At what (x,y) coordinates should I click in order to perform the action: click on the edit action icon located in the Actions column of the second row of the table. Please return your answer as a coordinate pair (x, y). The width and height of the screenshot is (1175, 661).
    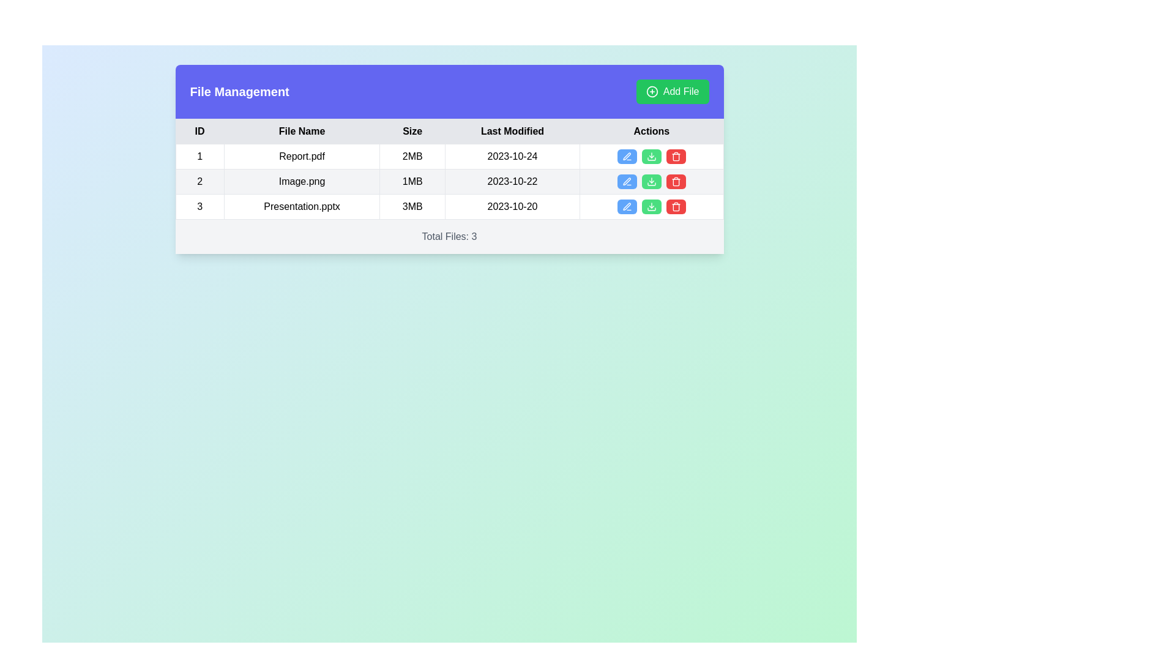
    Looking at the image, I should click on (627, 155).